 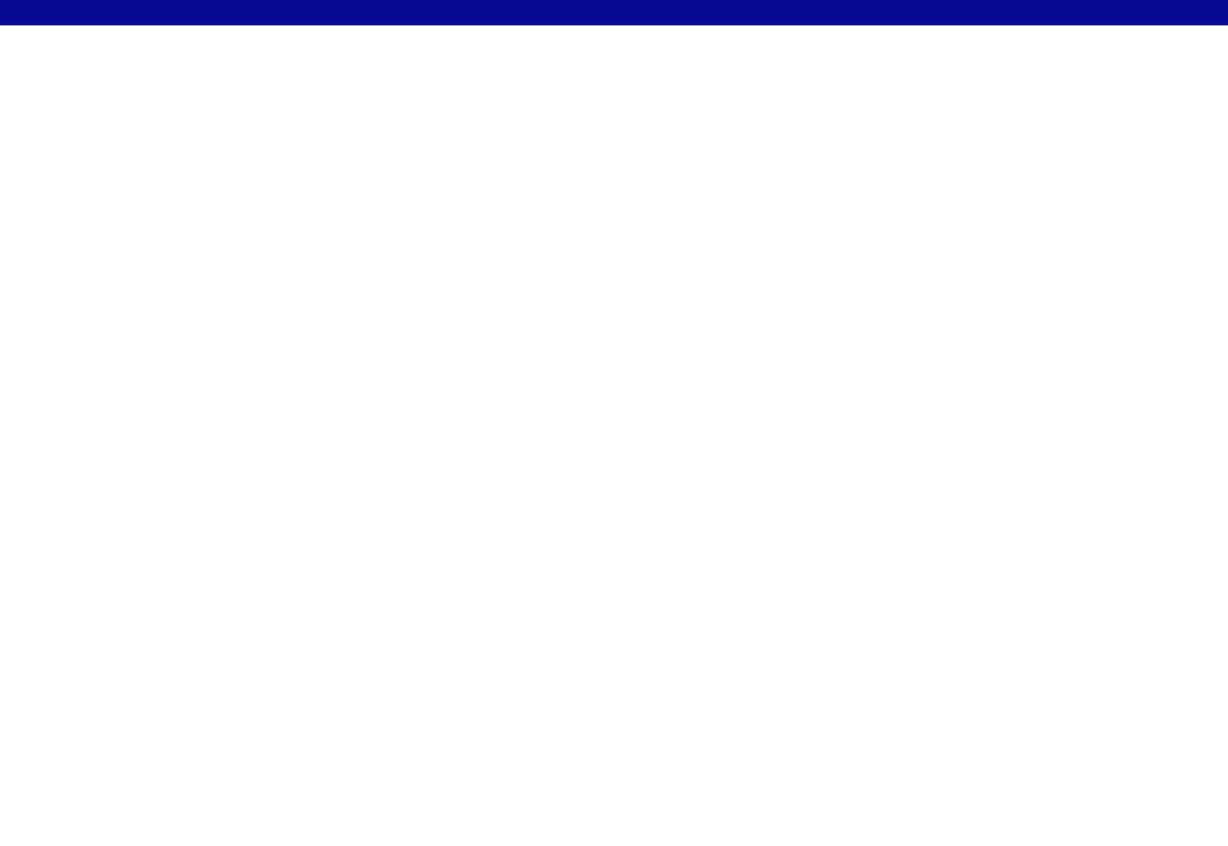 What do you see at coordinates (517, 43) in the screenshot?
I see `'ASFNR22 CME Information'` at bounding box center [517, 43].